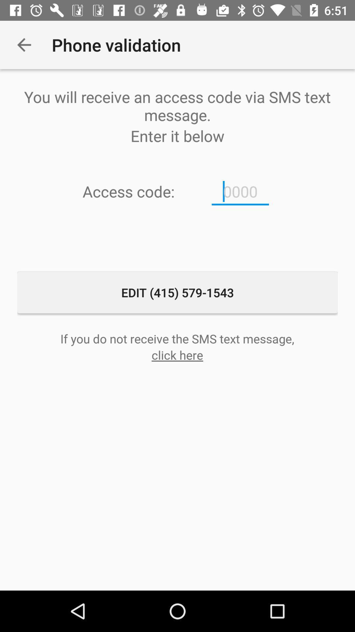 This screenshot has height=632, width=355. I want to click on acces code bar, so click(240, 191).